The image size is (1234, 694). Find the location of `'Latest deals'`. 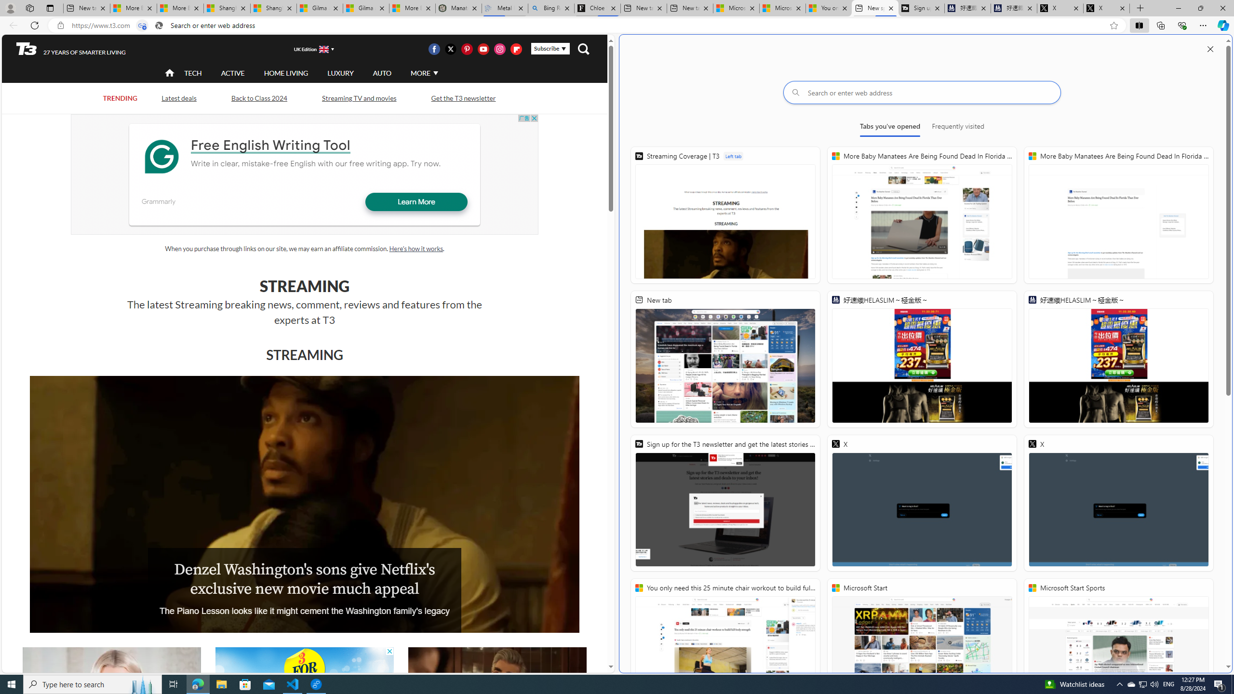

'Latest deals' is located at coordinates (178, 97).